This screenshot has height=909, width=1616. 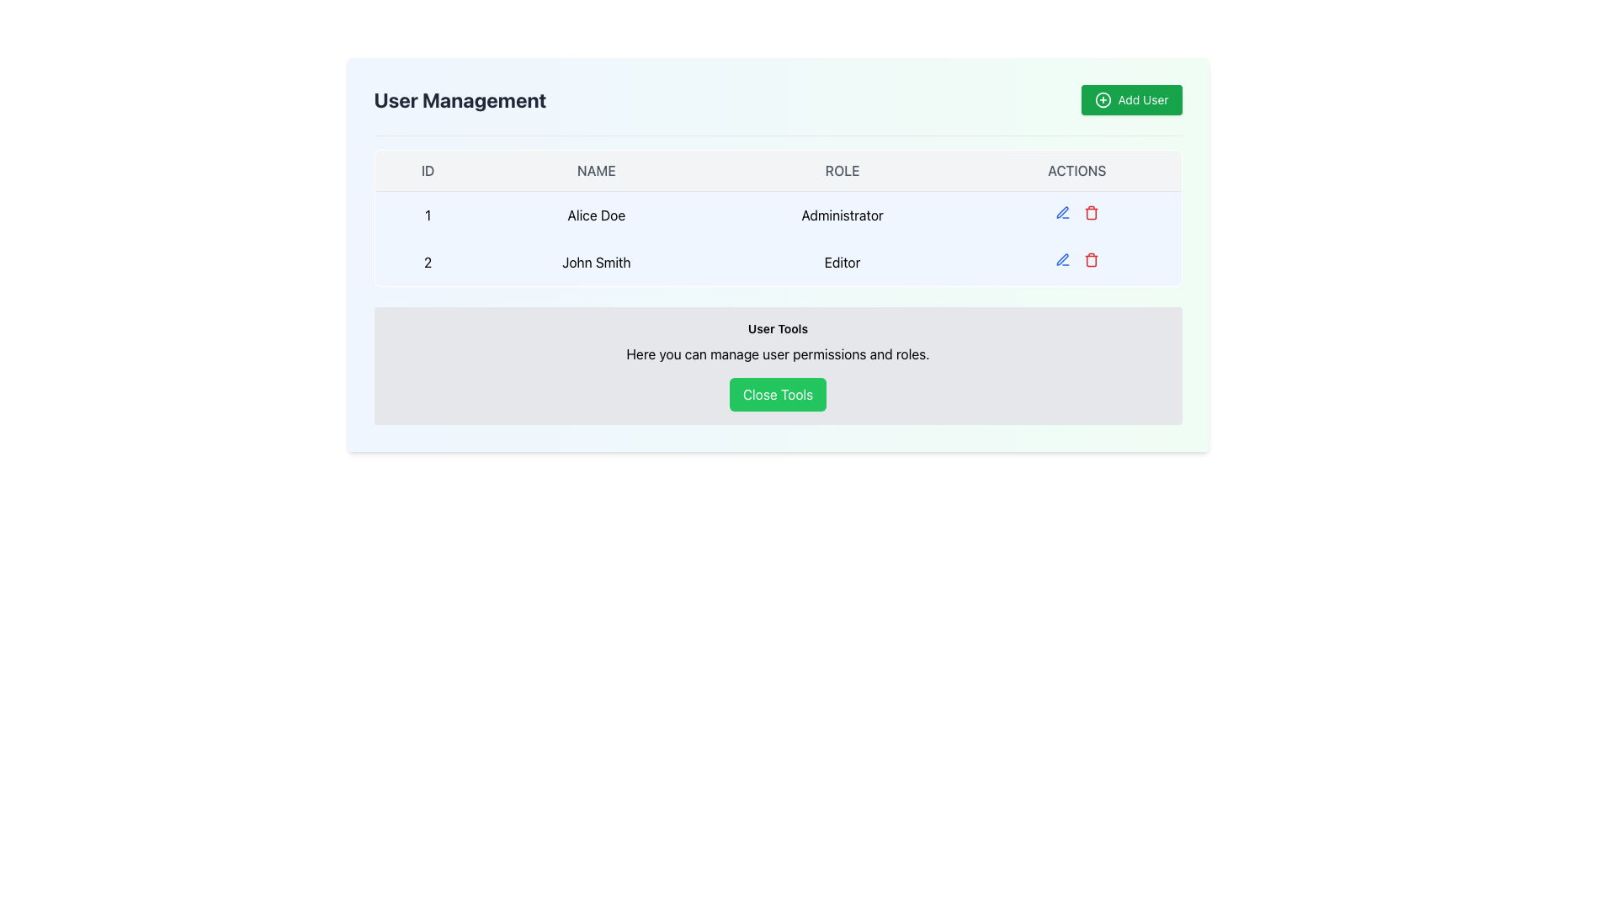 What do you see at coordinates (1091, 212) in the screenshot?
I see `the red trash can icon button located in the Actions column of the second row under the Editor role` at bounding box center [1091, 212].